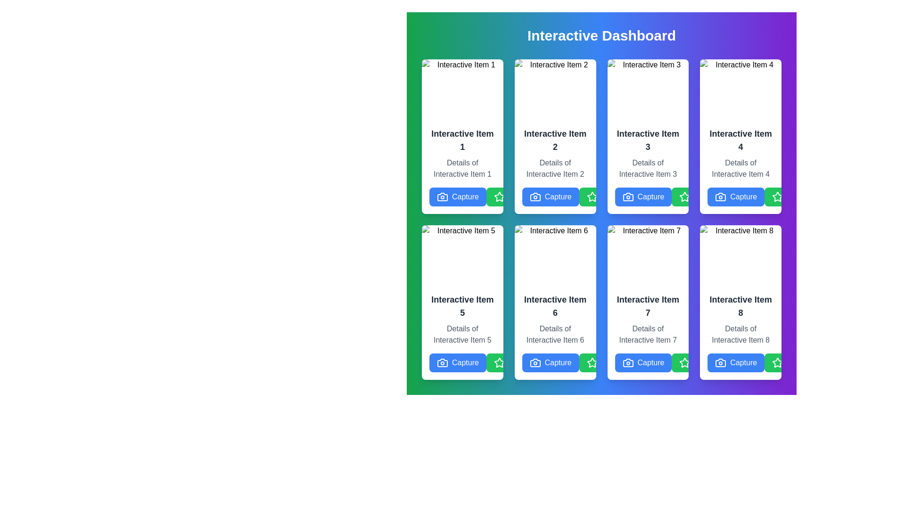 This screenshot has width=905, height=509. Describe the element at coordinates (555, 255) in the screenshot. I see `details of the image representing 'Interactive Item 6' located in the top section of its card, positioned in the second row, second column of the grid layout` at that location.